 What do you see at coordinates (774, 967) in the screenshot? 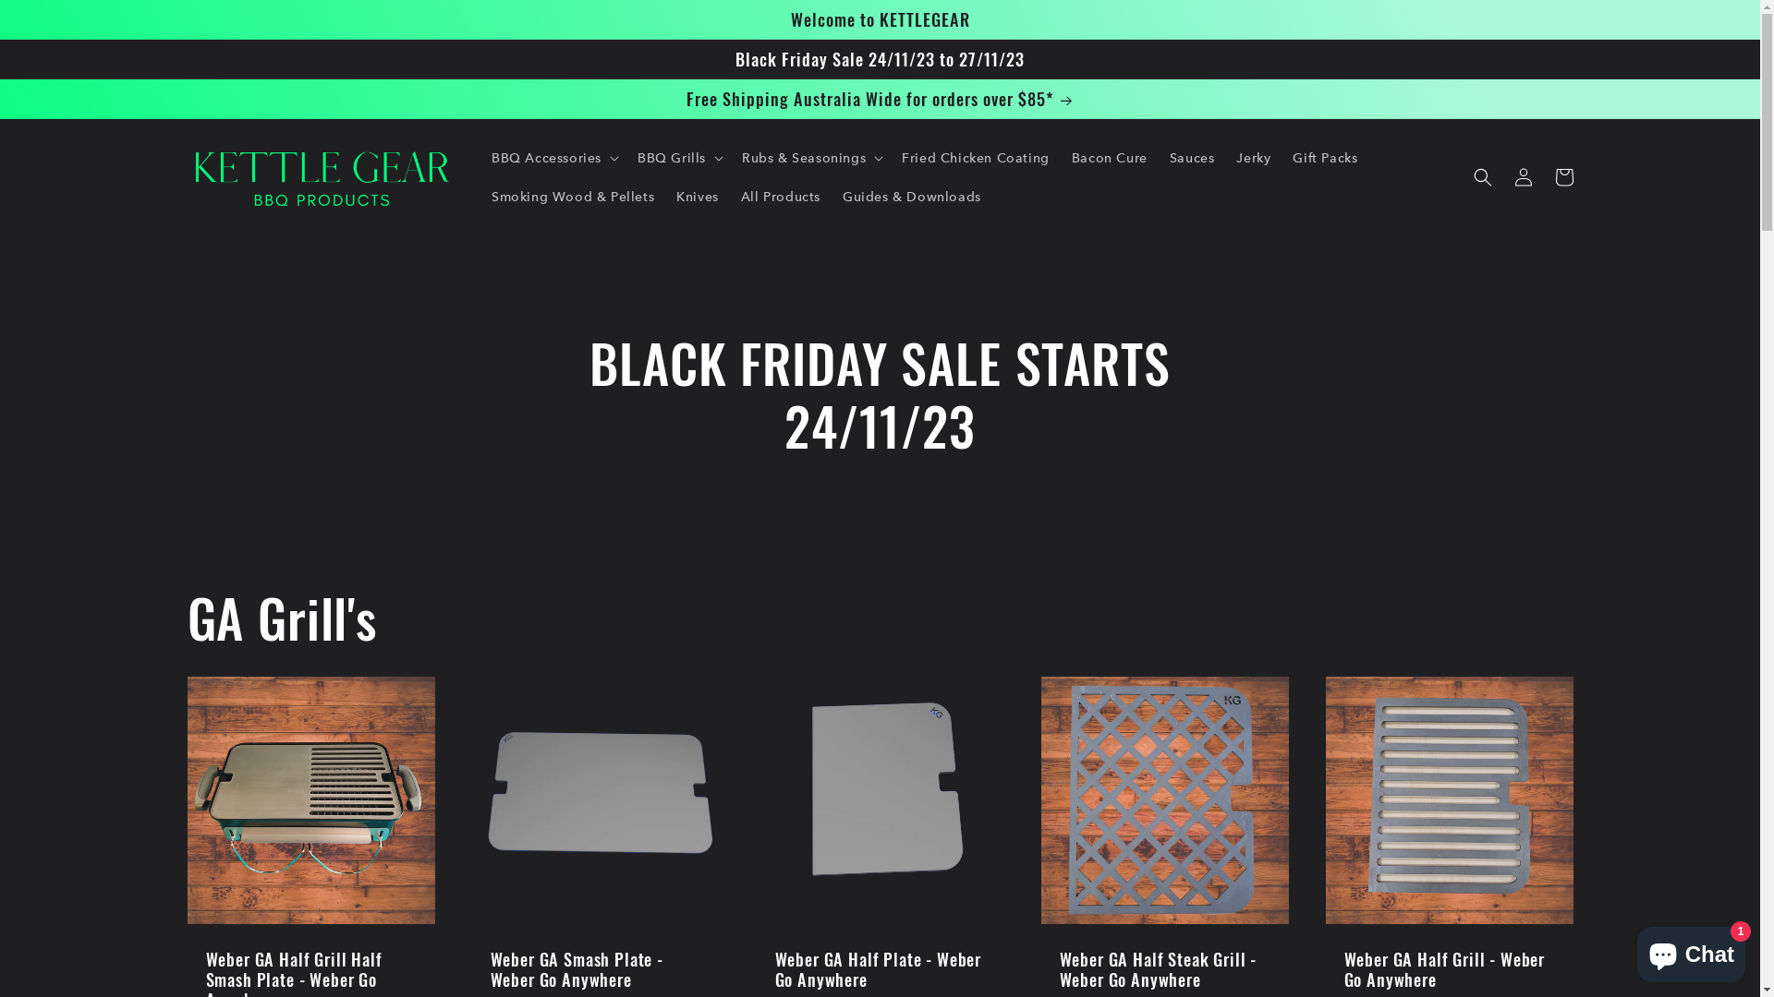
I see `'Weber GA Half Plate - Weber Go Anywhere'` at bounding box center [774, 967].